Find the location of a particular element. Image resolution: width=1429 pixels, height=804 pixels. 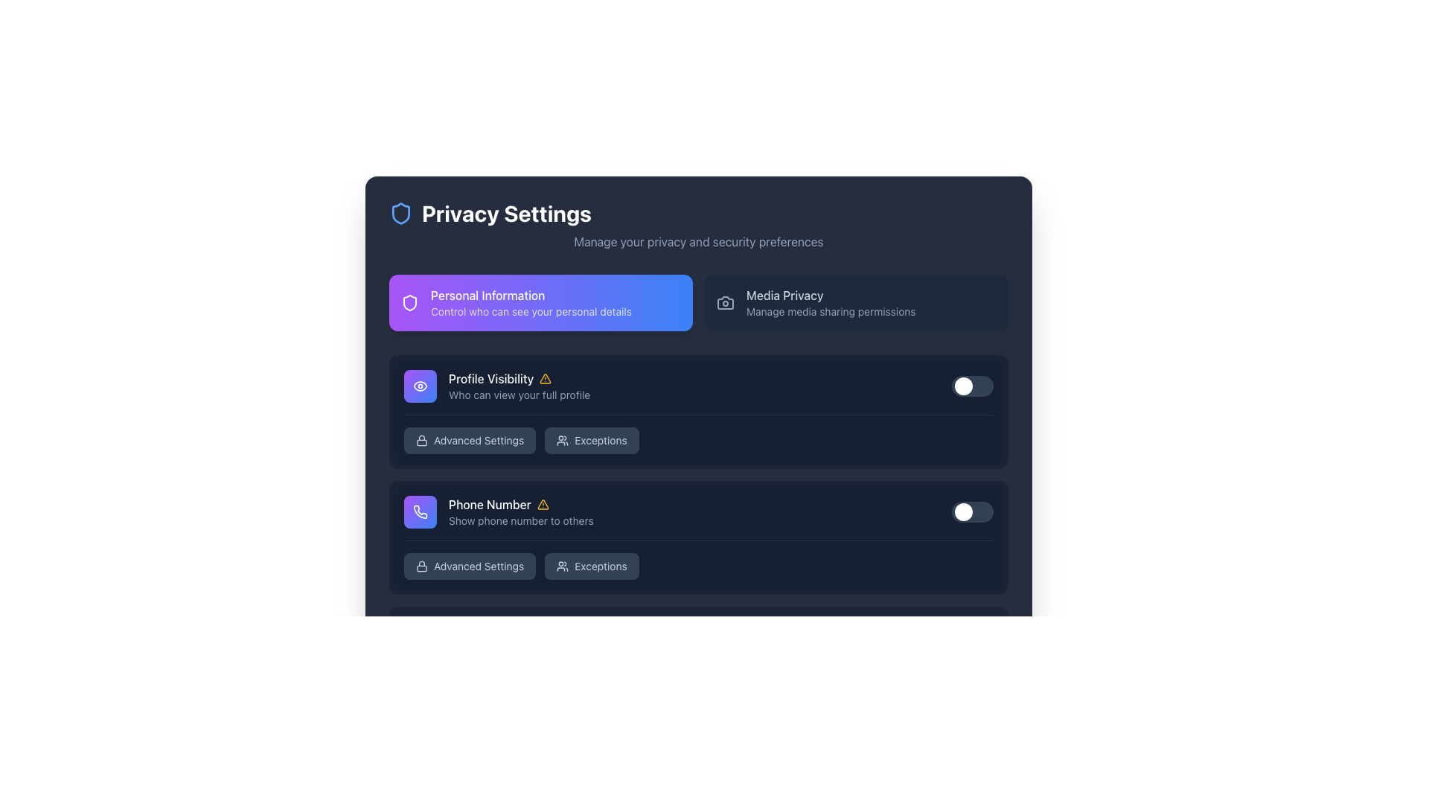

the static text label that provides descriptive context for the 'Profile Visibility' setting, positioned below the 'Profile Visibility' title text in the 'Privacy Settings' control panel is located at coordinates (520, 395).